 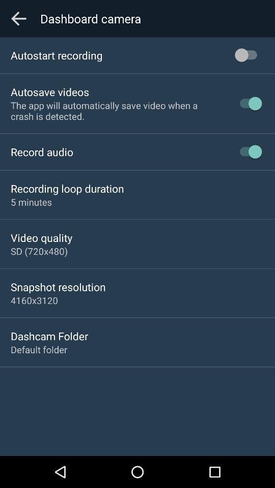 What do you see at coordinates (58, 287) in the screenshot?
I see `item above the 4160x3120 icon` at bounding box center [58, 287].